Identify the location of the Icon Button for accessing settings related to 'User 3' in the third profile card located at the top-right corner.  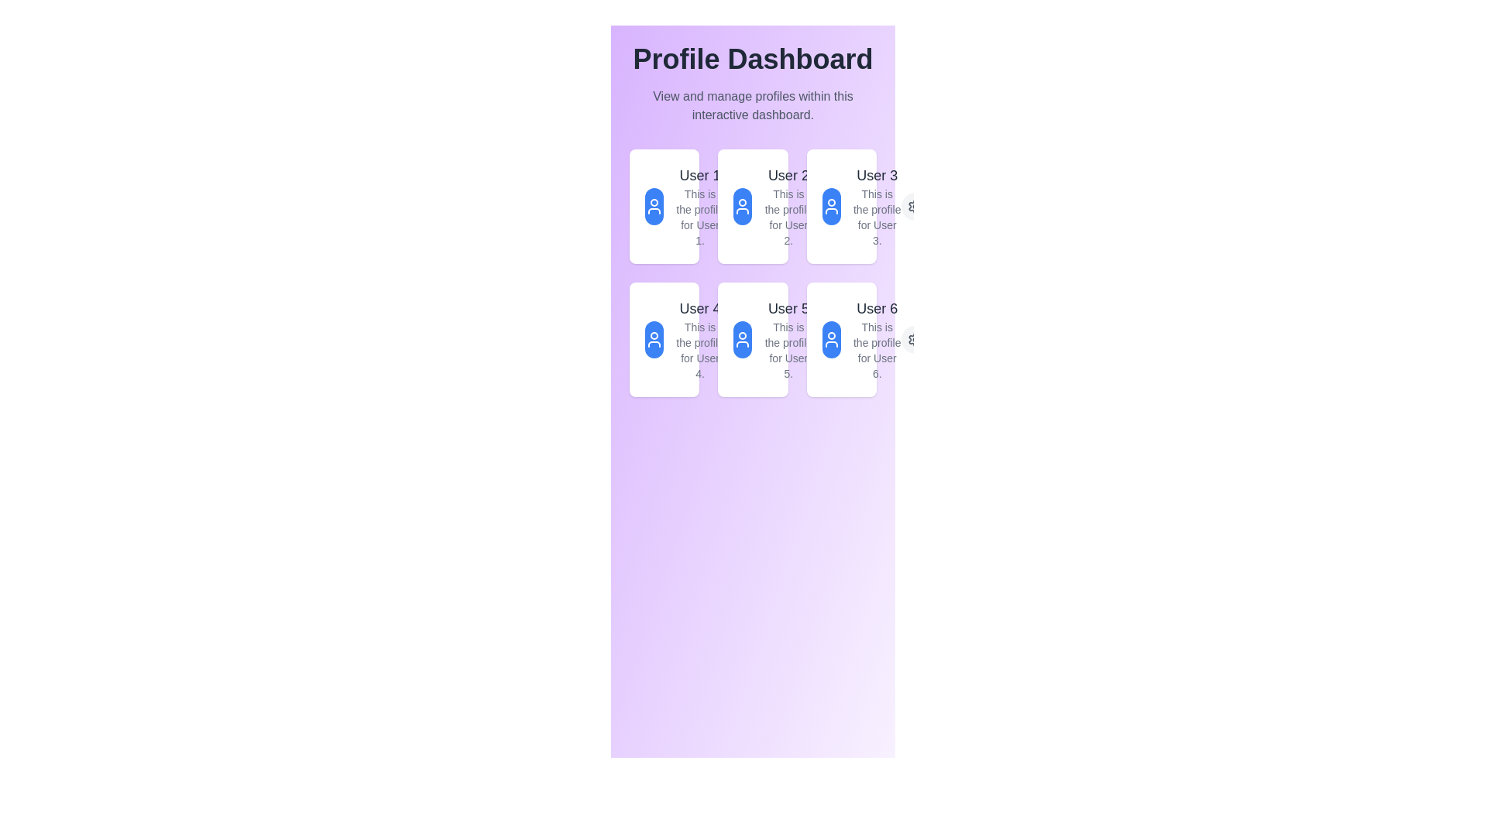
(826, 205).